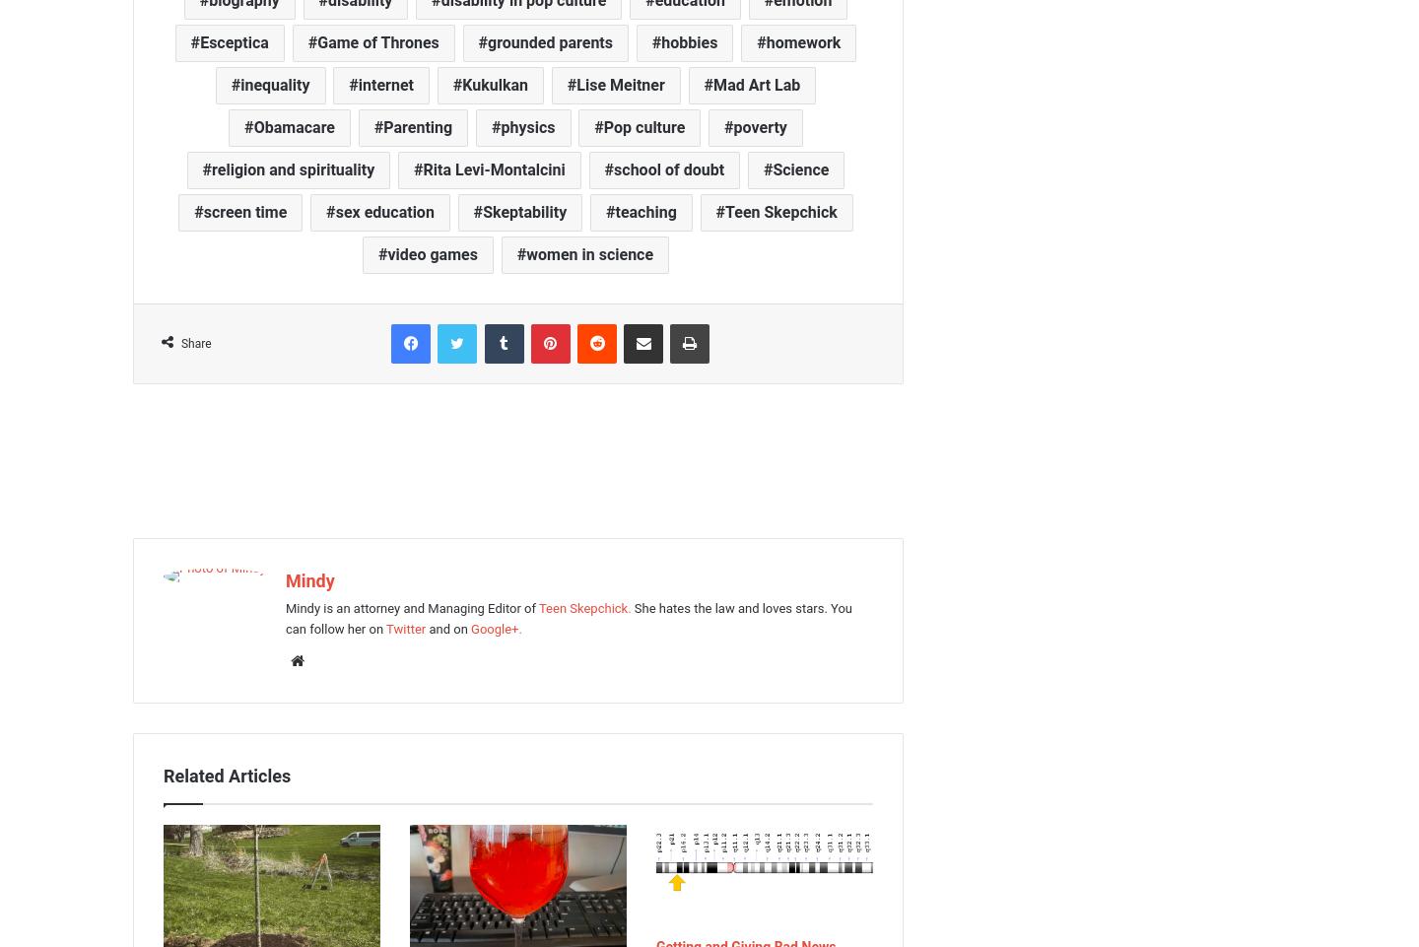  What do you see at coordinates (234, 40) in the screenshot?
I see `'Esceptica'` at bounding box center [234, 40].